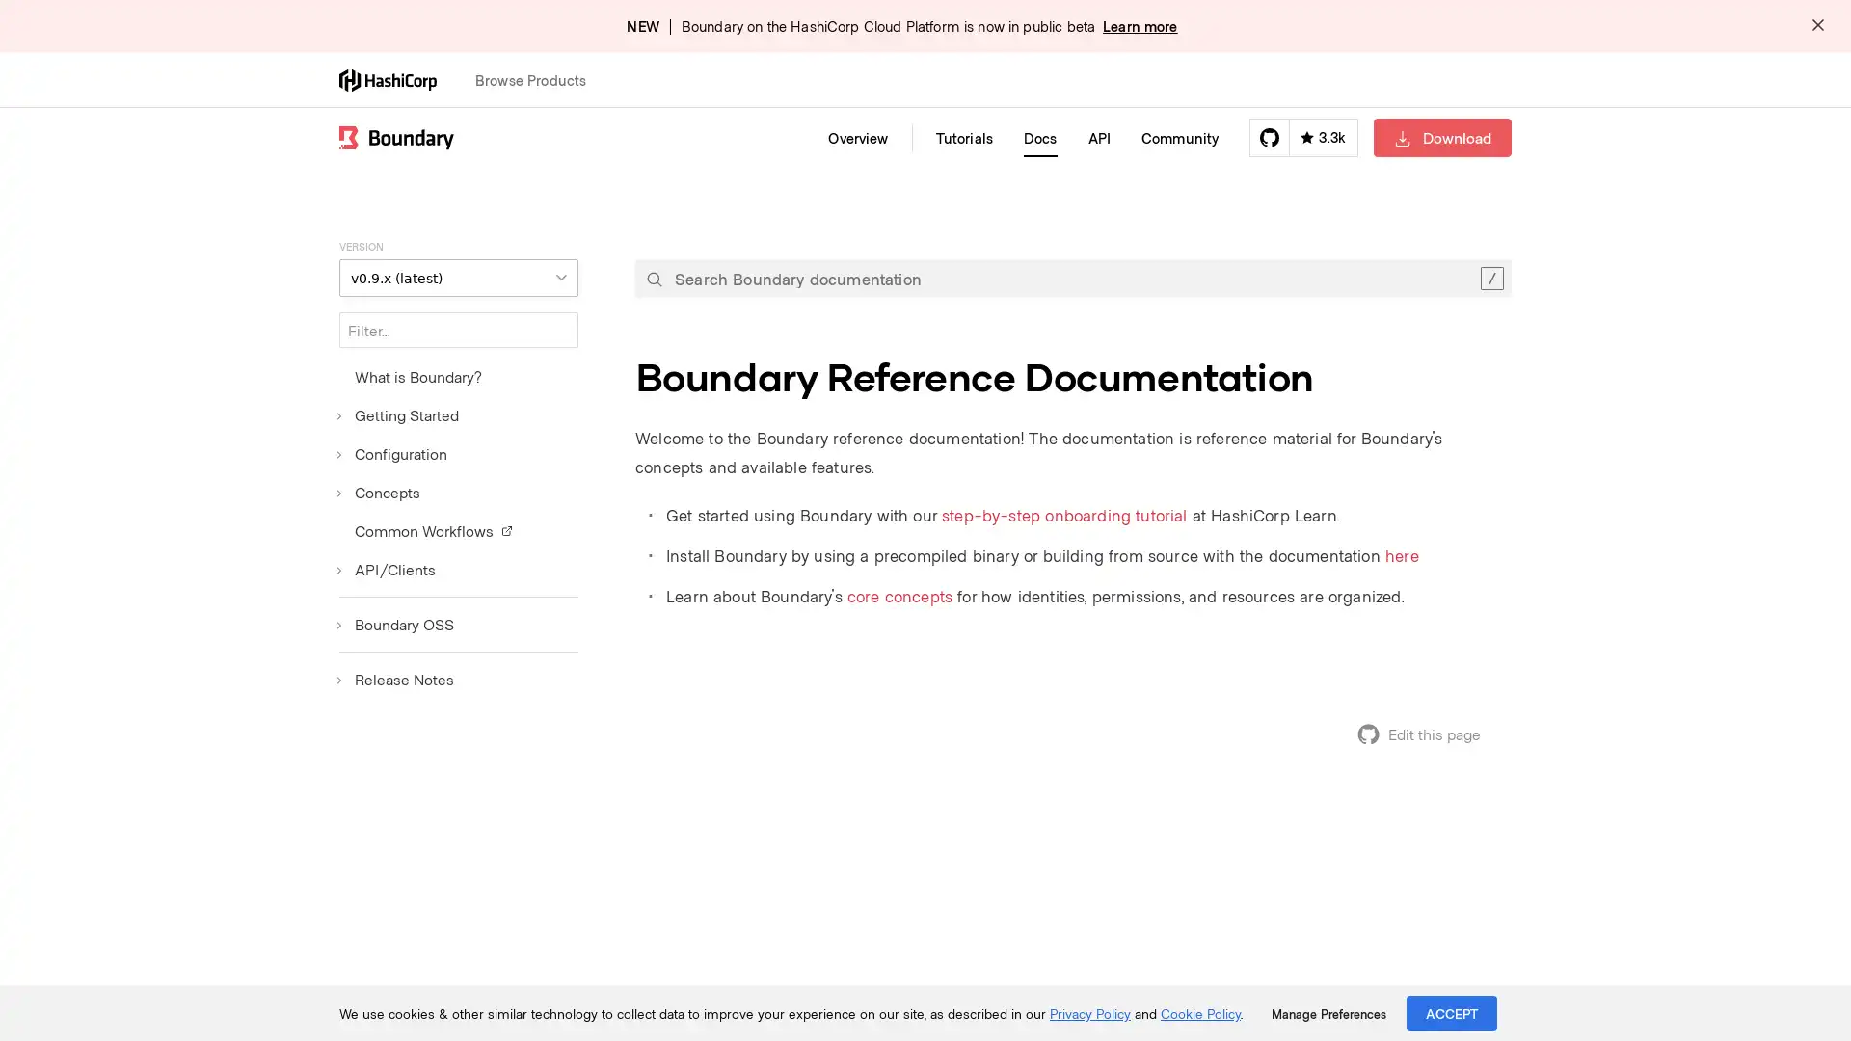  I want to click on Manage Preferences, so click(1328, 1013).